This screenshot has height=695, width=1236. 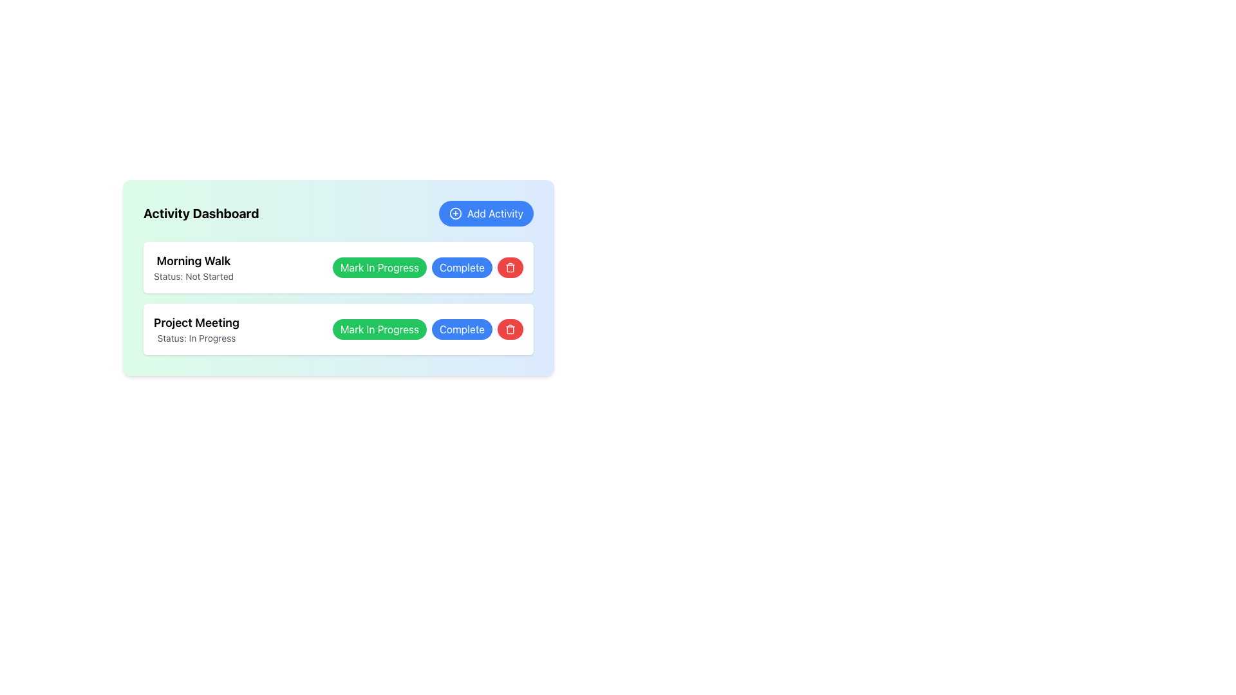 I want to click on the status text label indicating that the 'Morning Walk' activity has not yet begun, located below the 'Morning Walk' title in the upper half of the list view, so click(x=193, y=275).